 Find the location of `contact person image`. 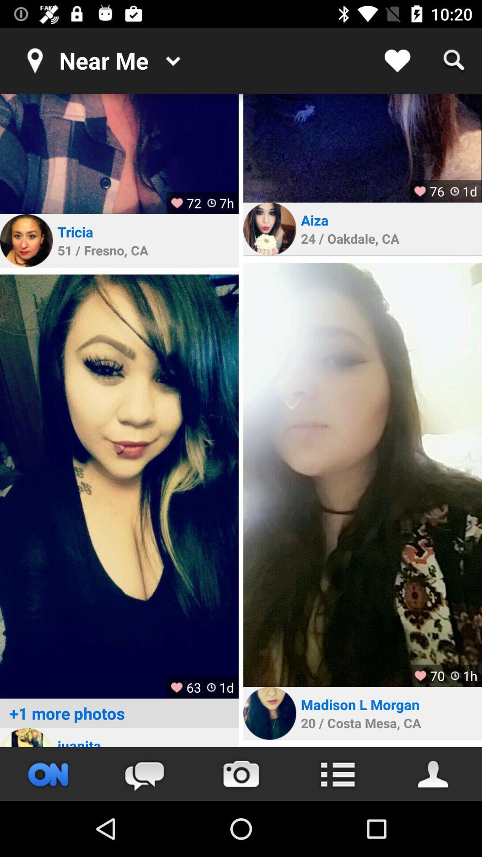

contact person image is located at coordinates (269, 713).